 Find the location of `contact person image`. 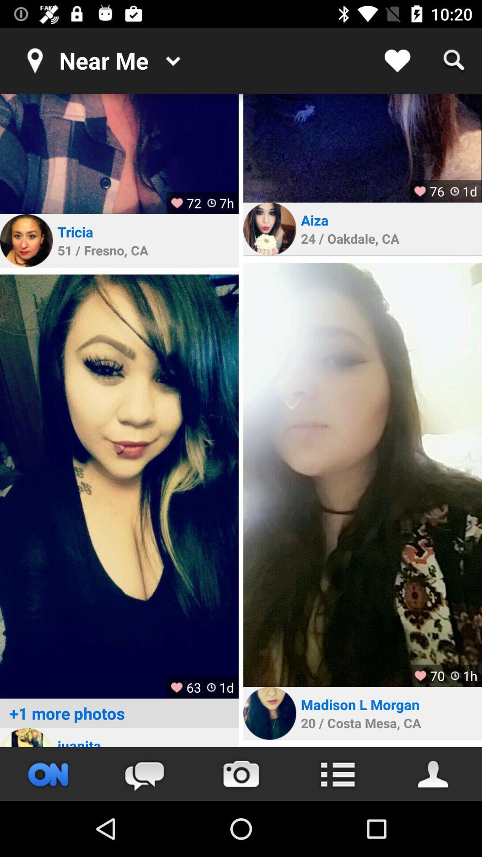

contact person image is located at coordinates (269, 713).